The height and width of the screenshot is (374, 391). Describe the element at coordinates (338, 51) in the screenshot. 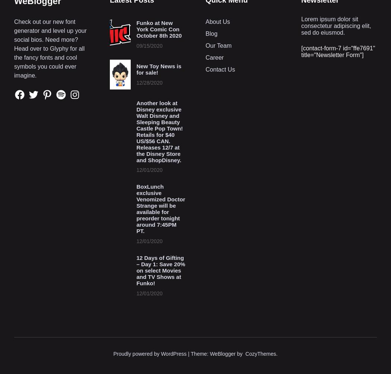

I see `'[contact-form-7 id="ffe7691" title="Newsletter Form"]'` at that location.